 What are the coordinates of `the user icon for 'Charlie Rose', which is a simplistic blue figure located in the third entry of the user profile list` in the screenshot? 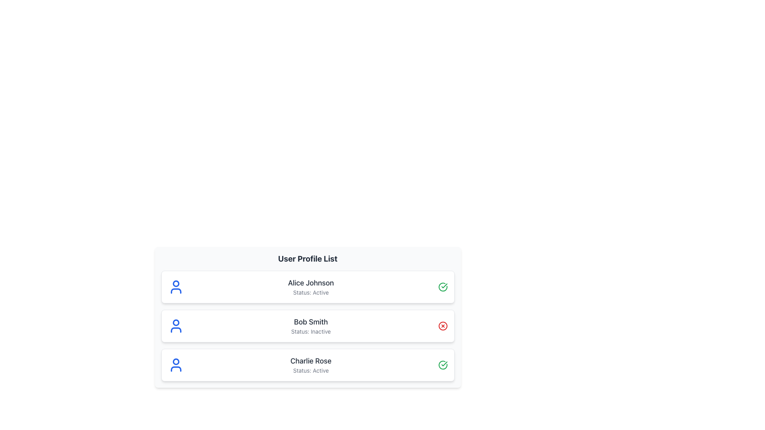 It's located at (175, 365).